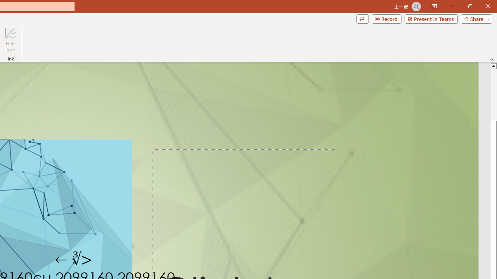 Image resolution: width=497 pixels, height=279 pixels. Describe the element at coordinates (434, 6) in the screenshot. I see `'Ribbon Display Options'` at that location.